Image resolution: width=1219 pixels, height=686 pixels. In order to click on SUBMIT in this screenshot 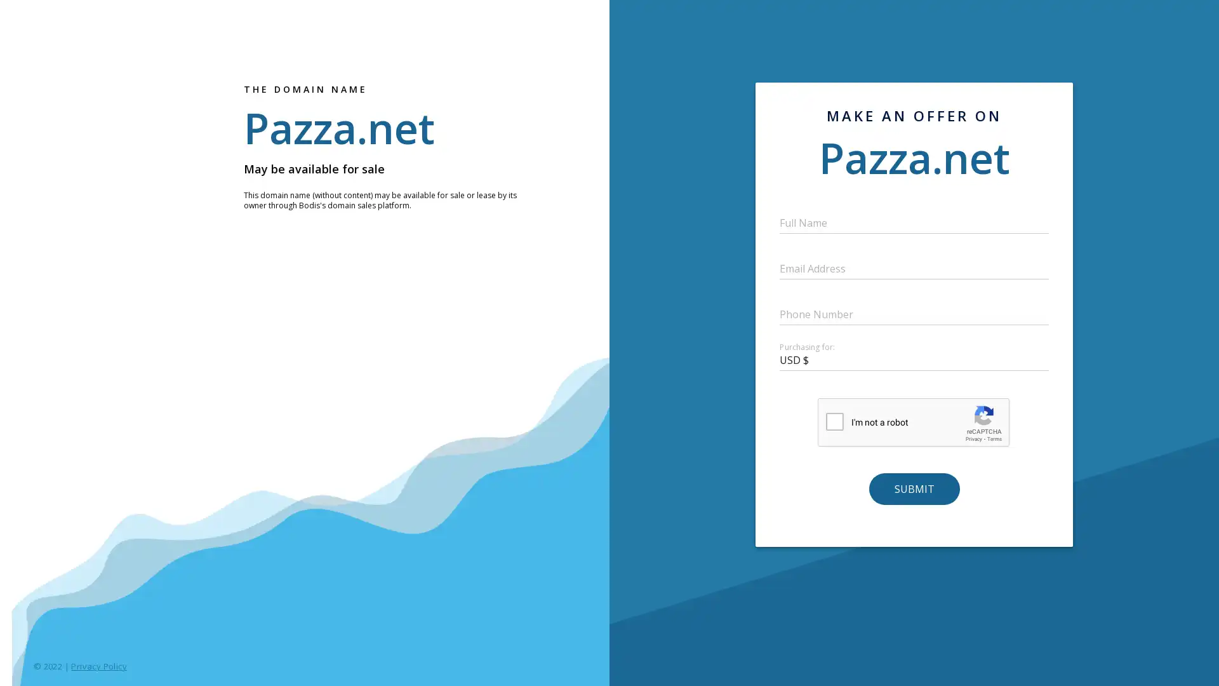, I will do `click(913, 488)`.